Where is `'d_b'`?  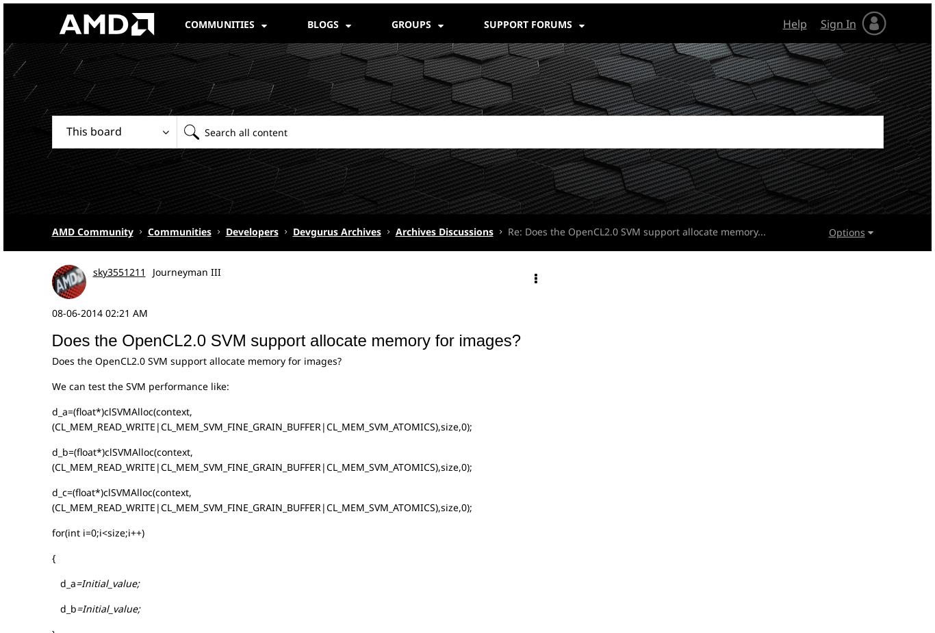
'd_b' is located at coordinates (64, 608).